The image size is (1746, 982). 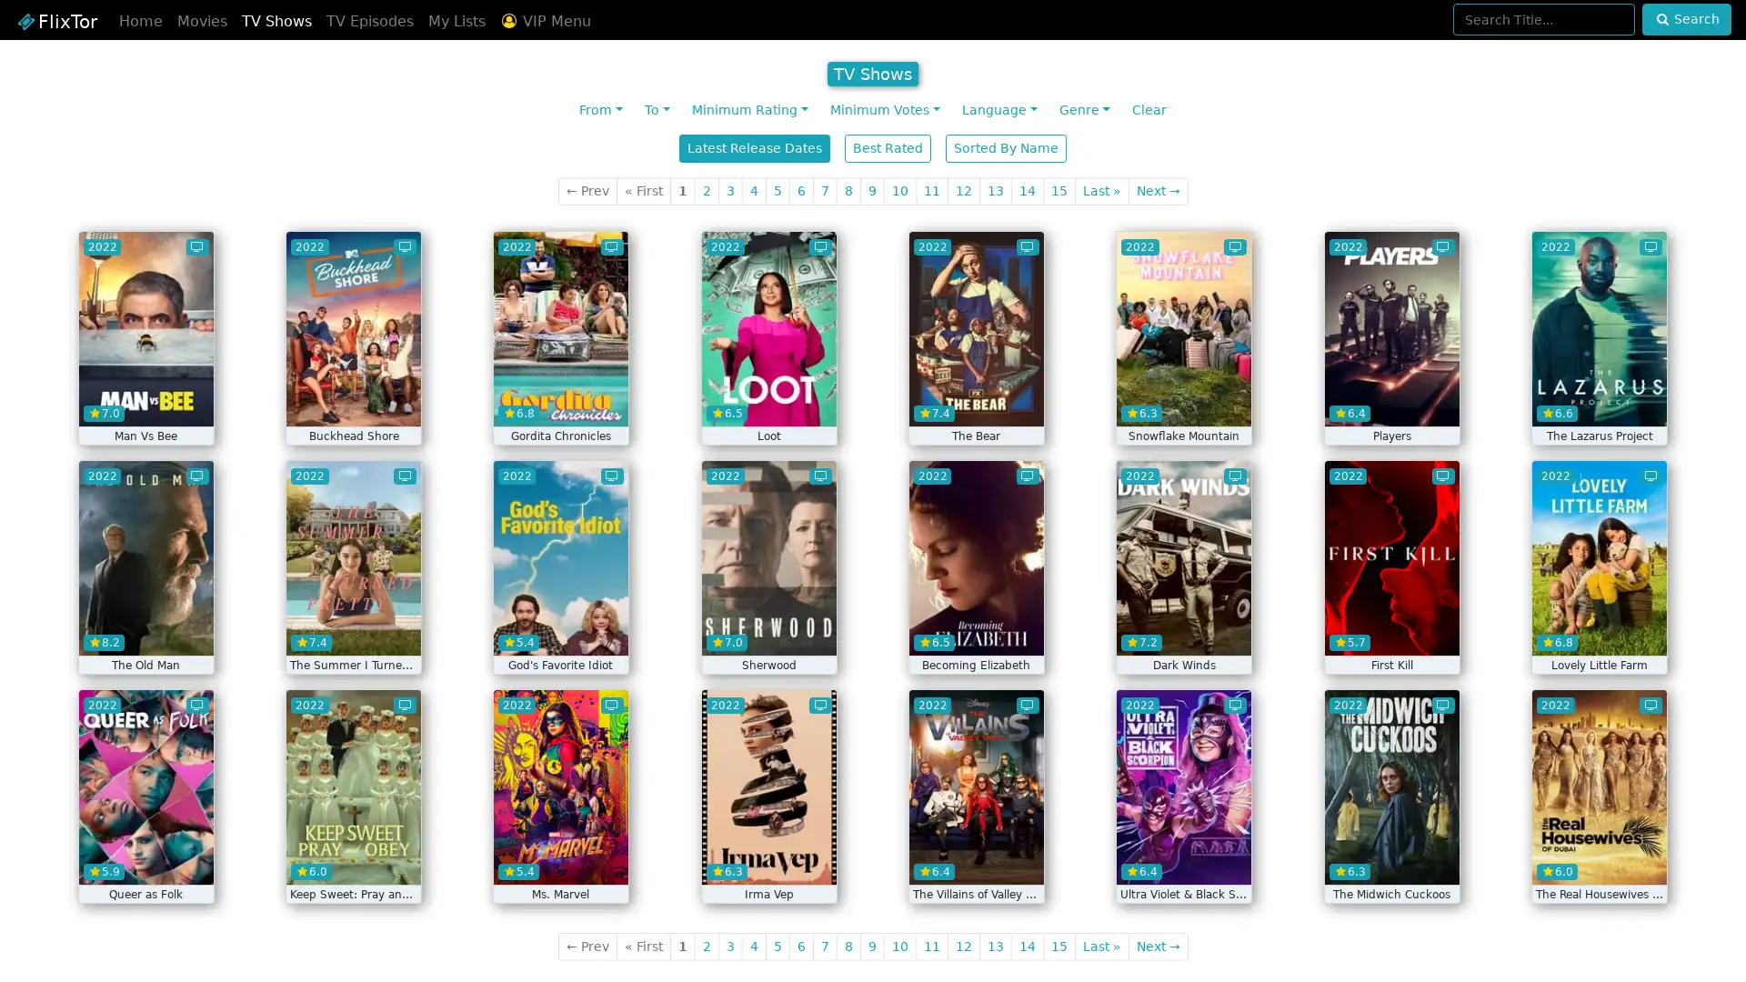 What do you see at coordinates (755, 147) in the screenshot?
I see `Latest Release Dates` at bounding box center [755, 147].